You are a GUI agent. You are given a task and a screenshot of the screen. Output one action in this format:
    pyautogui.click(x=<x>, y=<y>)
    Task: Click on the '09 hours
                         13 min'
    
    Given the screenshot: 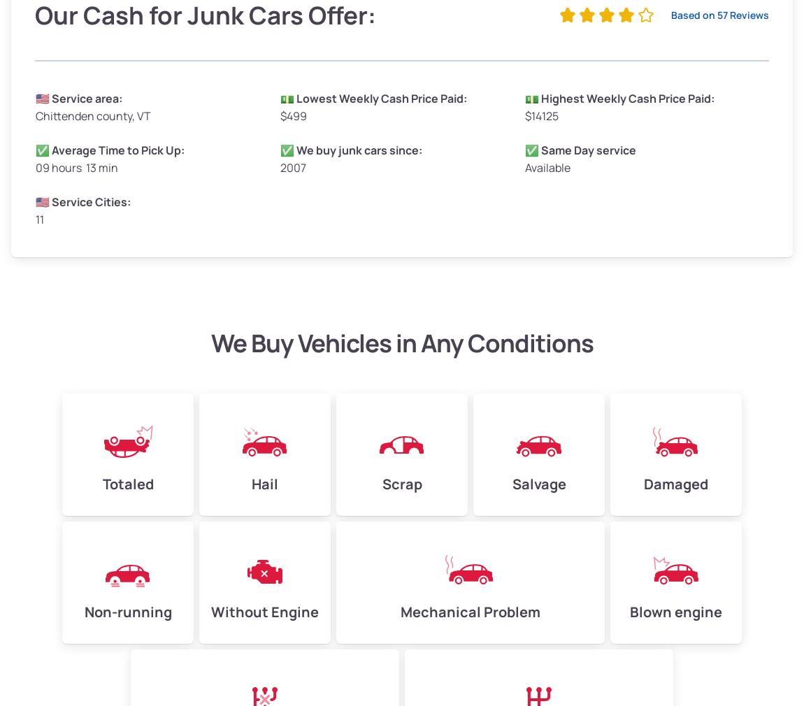 What is the action you would take?
    pyautogui.click(x=76, y=166)
    